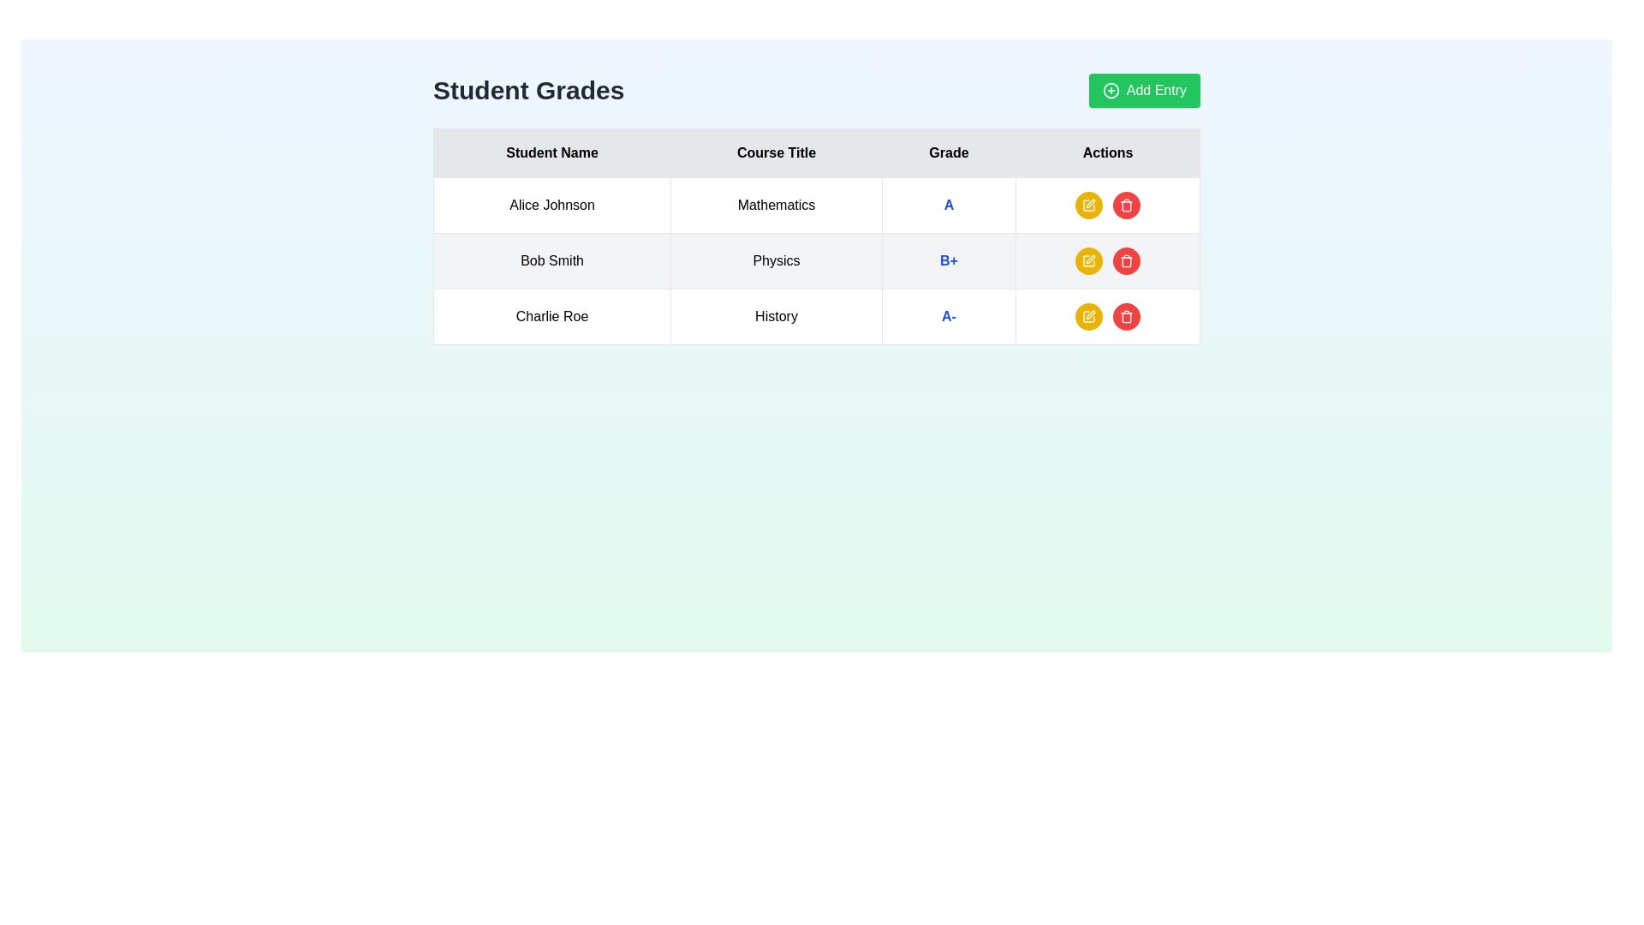  I want to click on text displayed in the first row and first column of the table under the header 'Student Name', which represents the name of the first student, so click(552, 204).